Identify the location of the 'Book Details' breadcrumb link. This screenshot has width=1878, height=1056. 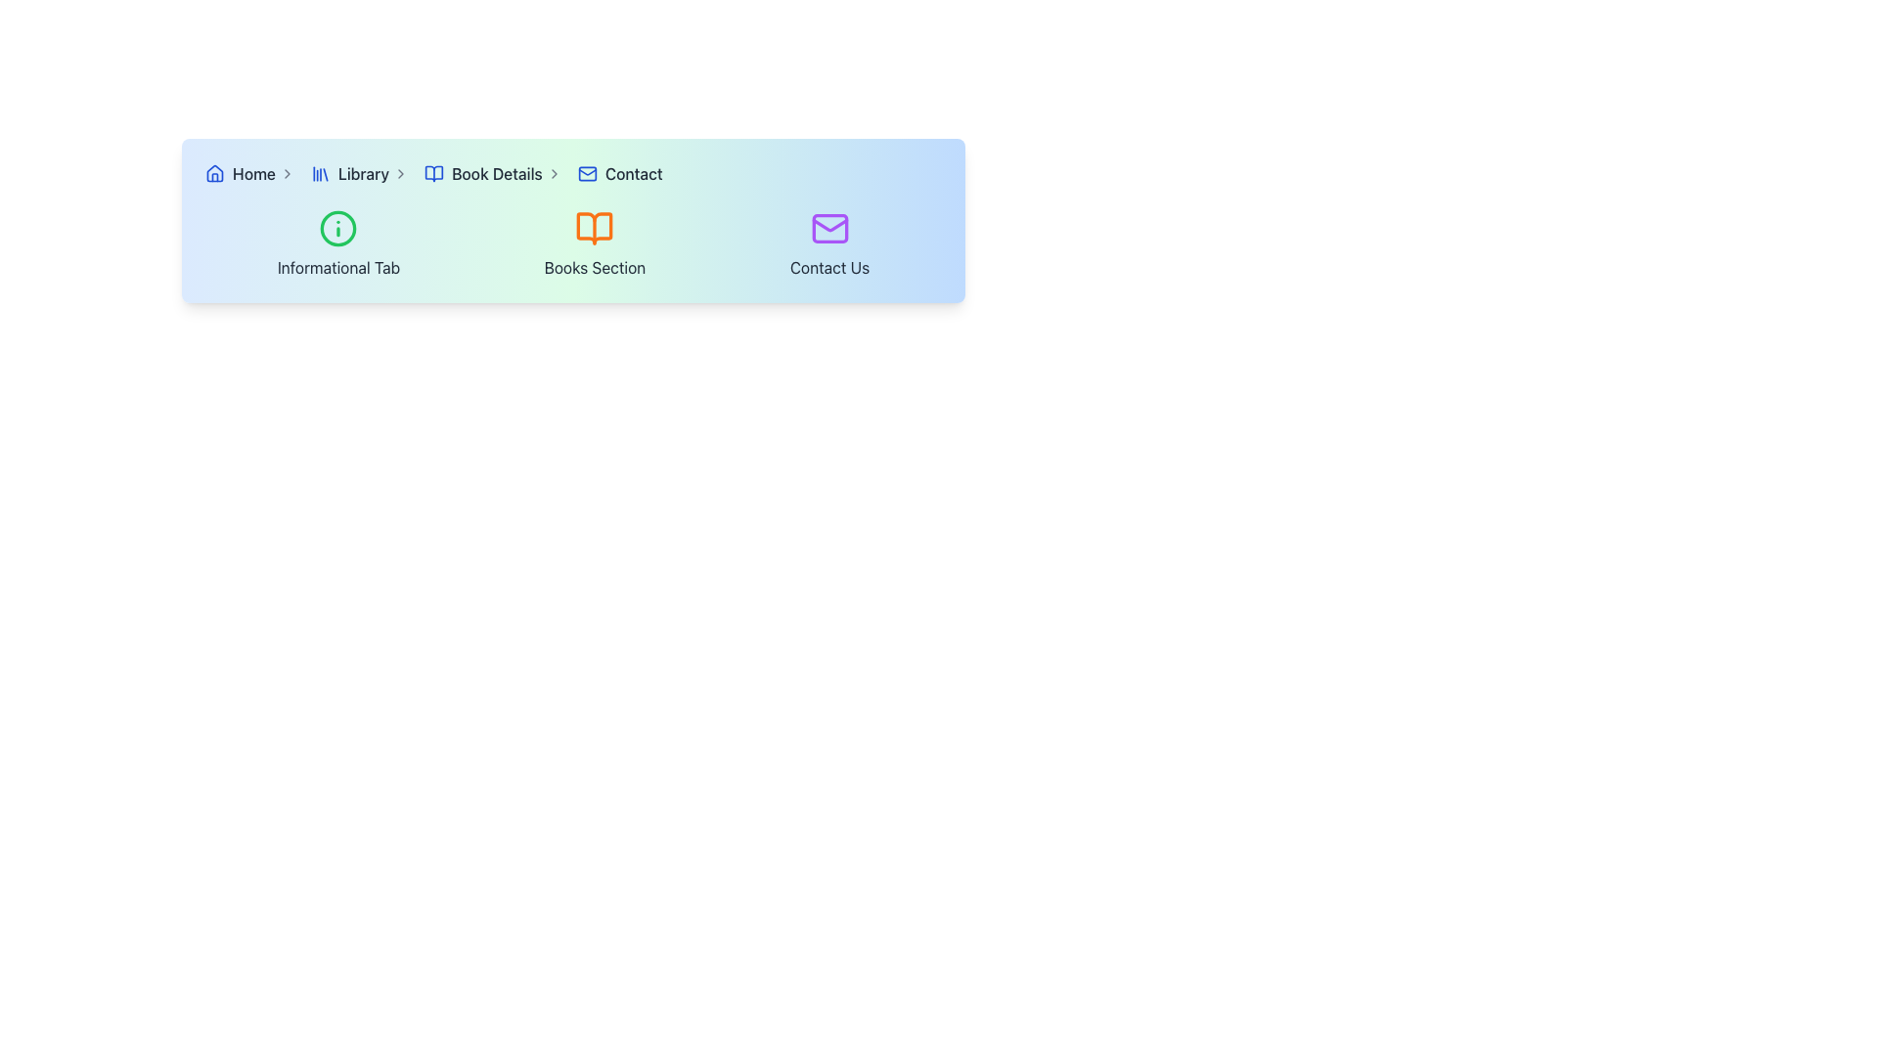
(495, 172).